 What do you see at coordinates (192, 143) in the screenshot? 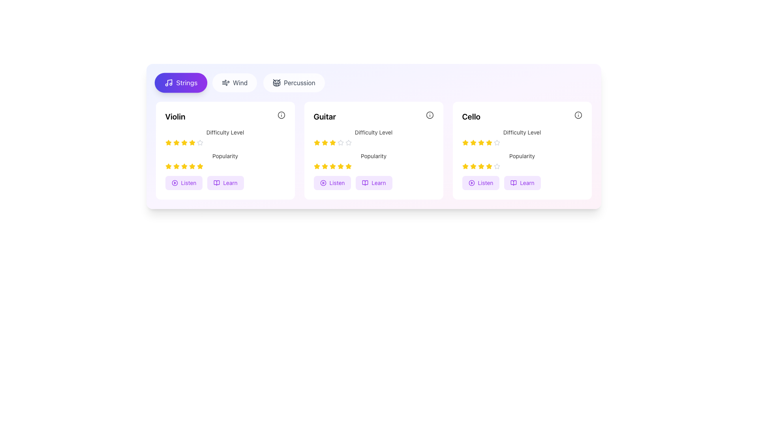
I see `the fifth yellow star icon in the 'Difficulty Level' rating section of the 'Violin' card to modify the rating value` at bounding box center [192, 143].